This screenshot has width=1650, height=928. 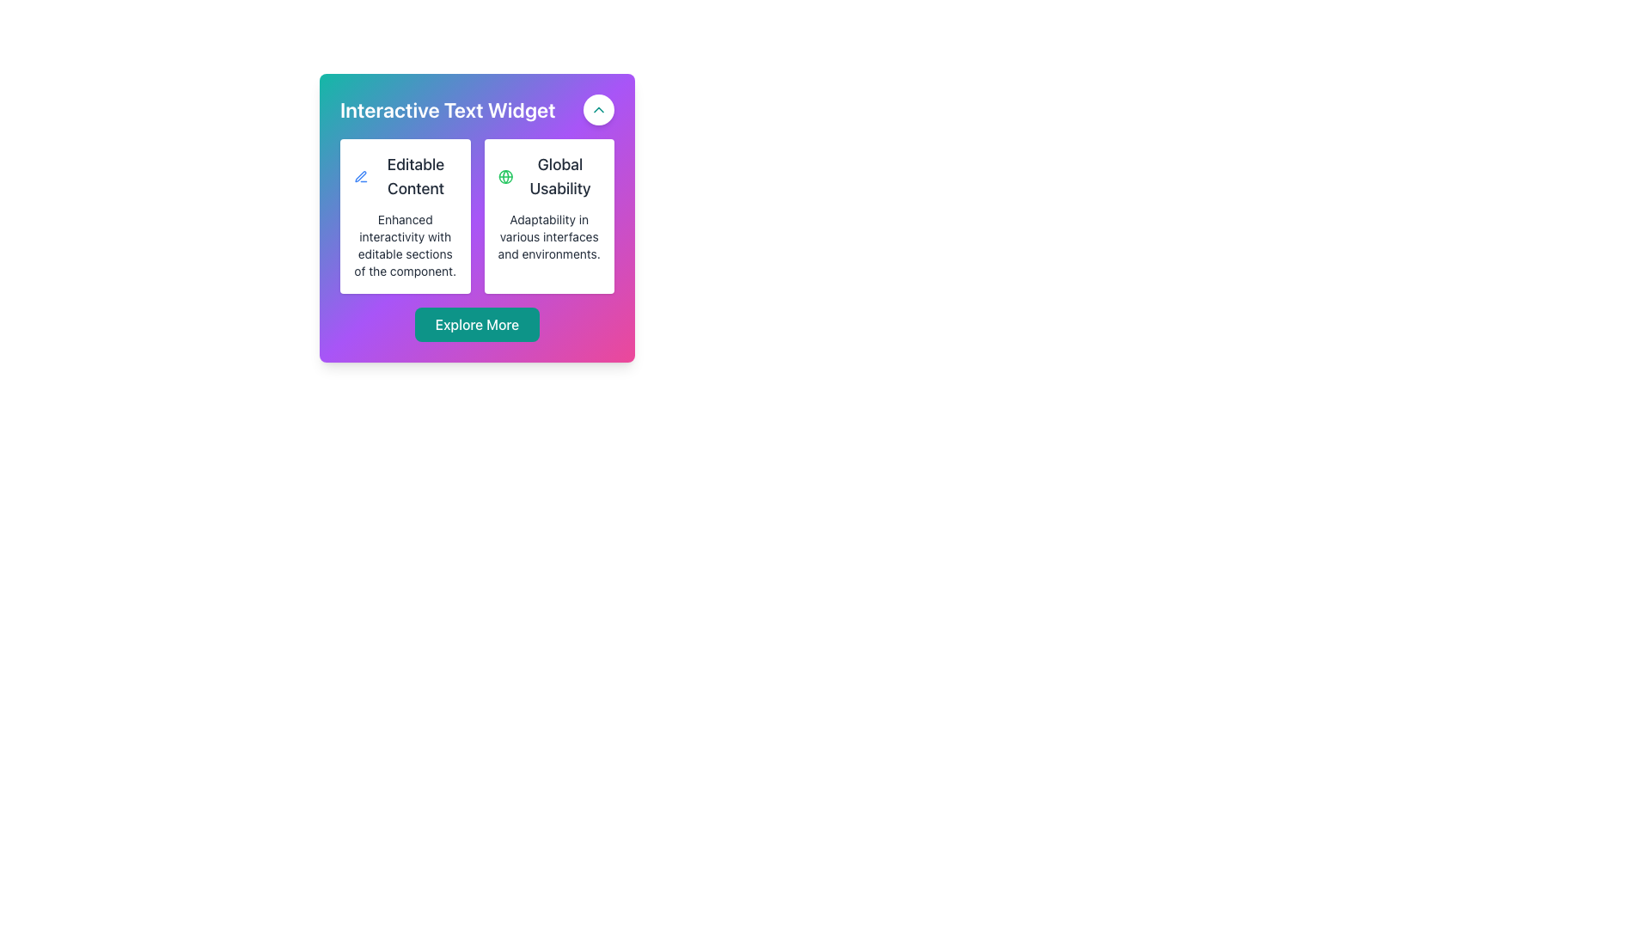 I want to click on the globe icon with a green color and bold stroke, which is located to the left of the 'Global Usability' text, so click(x=504, y=176).